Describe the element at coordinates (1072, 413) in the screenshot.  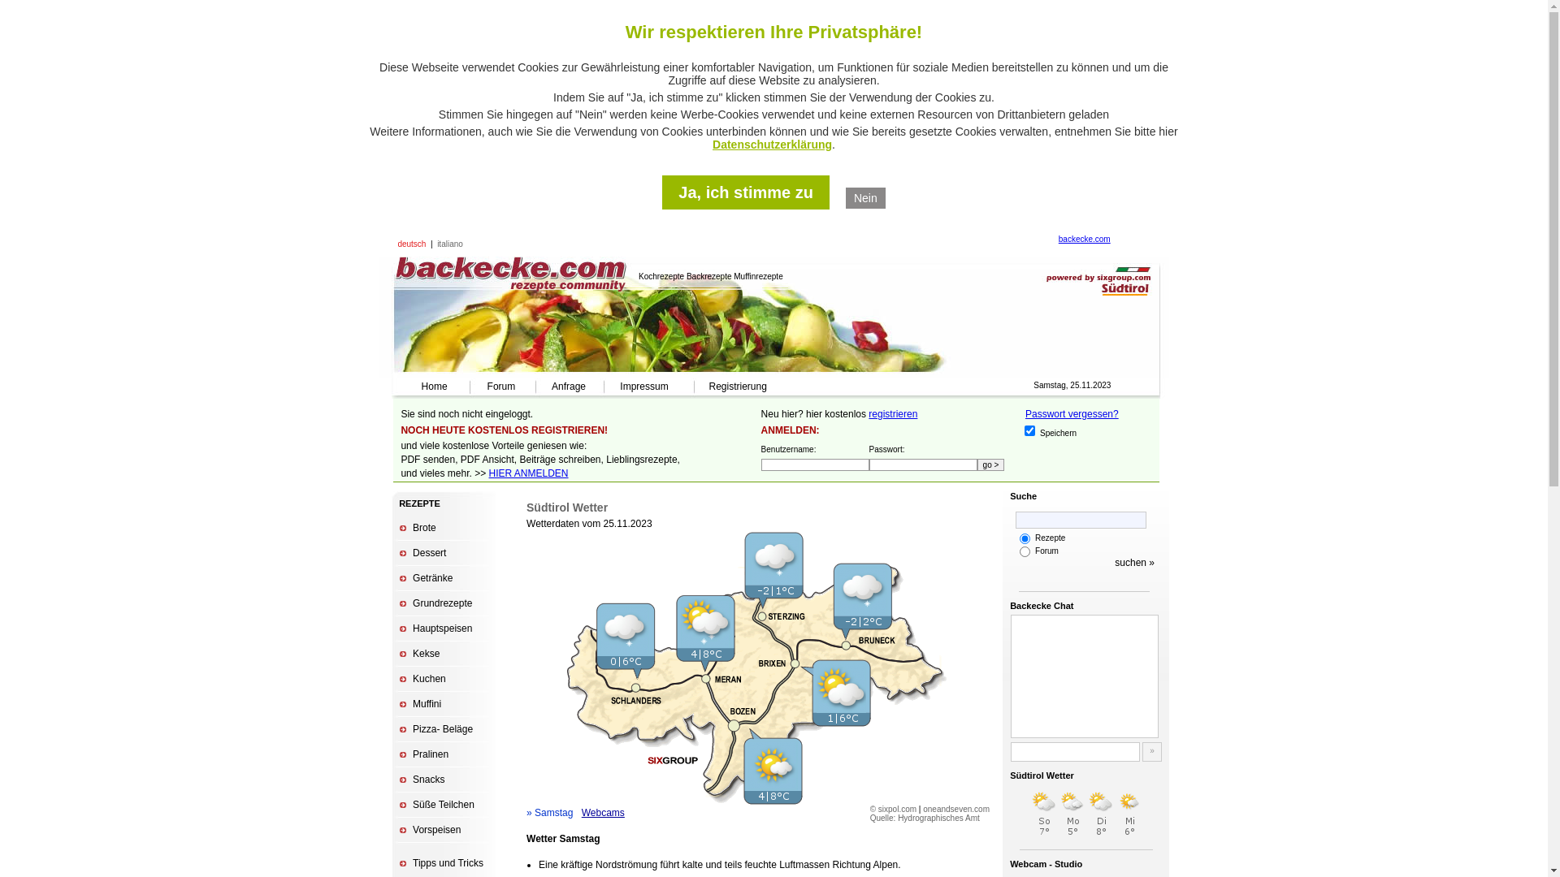
I see `'Passwort vergessen?'` at that location.